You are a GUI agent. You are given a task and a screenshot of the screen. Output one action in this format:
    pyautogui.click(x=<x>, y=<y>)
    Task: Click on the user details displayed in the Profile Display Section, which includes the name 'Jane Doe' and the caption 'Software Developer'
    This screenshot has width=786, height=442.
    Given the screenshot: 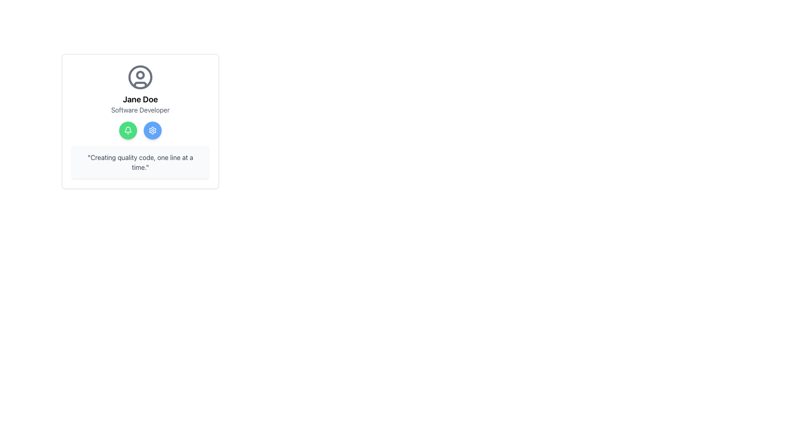 What is the action you would take?
    pyautogui.click(x=140, y=90)
    